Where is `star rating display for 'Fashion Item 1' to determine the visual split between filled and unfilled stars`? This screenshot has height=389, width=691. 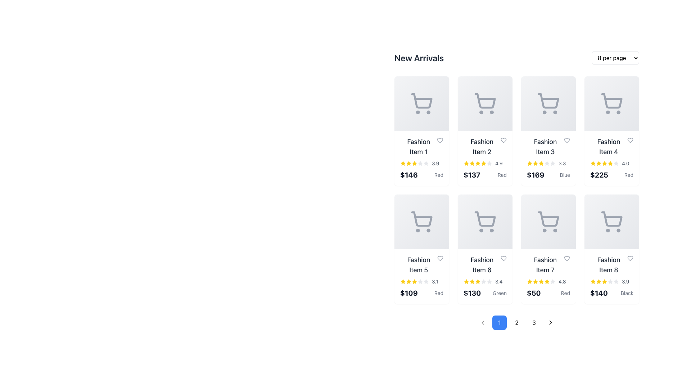 star rating display for 'Fashion Item 1' to determine the visual split between filled and unfilled stars is located at coordinates (421, 158).